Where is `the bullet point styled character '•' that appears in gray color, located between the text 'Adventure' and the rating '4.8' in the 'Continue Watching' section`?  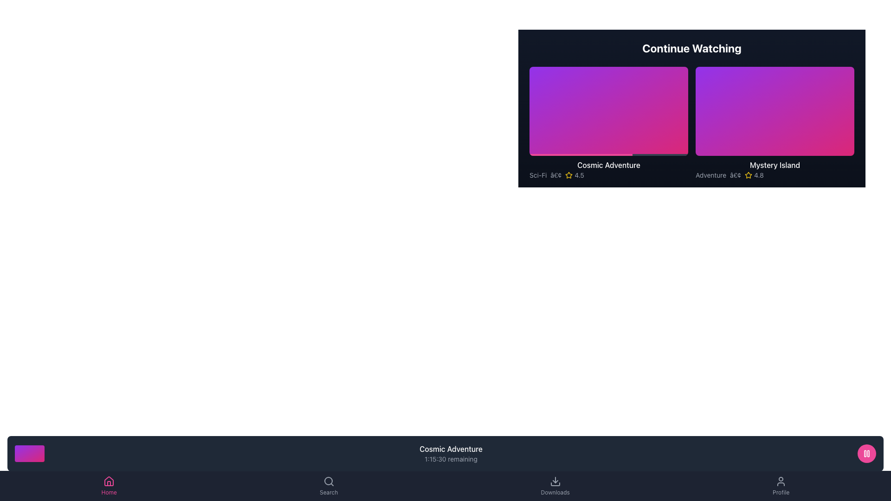
the bullet point styled character '•' that appears in gray color, located between the text 'Adventure' and the rating '4.8' in the 'Continue Watching' section is located at coordinates (735, 175).